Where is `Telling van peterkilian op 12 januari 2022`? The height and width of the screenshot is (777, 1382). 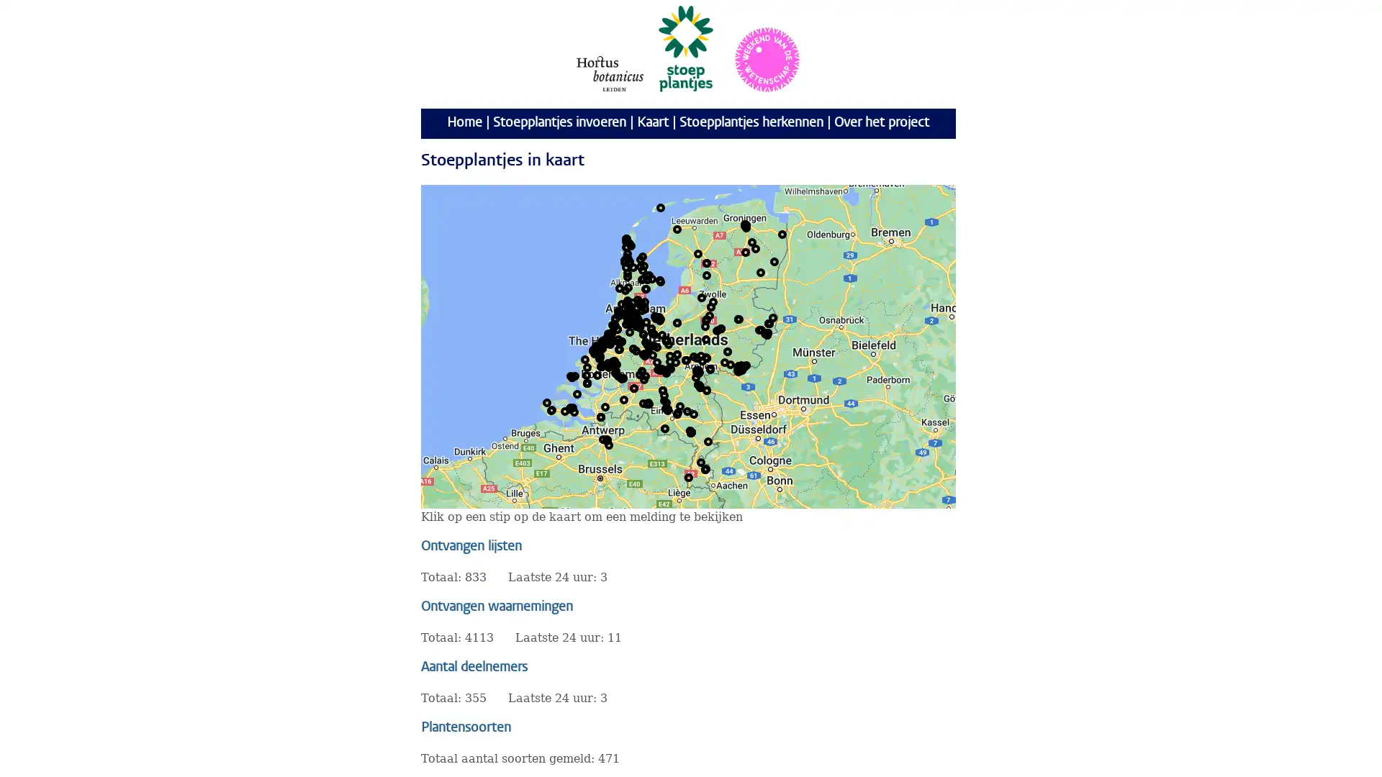
Telling van peterkilian op 12 januari 2022 is located at coordinates (633, 315).